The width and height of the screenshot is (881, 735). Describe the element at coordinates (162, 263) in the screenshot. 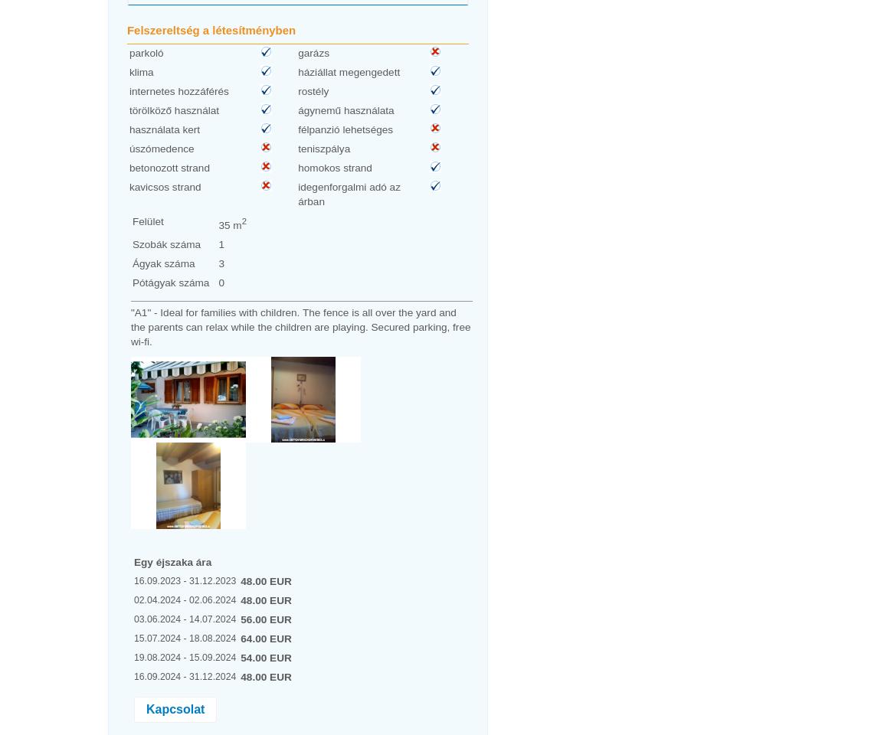

I see `'Ágyak száma'` at that location.